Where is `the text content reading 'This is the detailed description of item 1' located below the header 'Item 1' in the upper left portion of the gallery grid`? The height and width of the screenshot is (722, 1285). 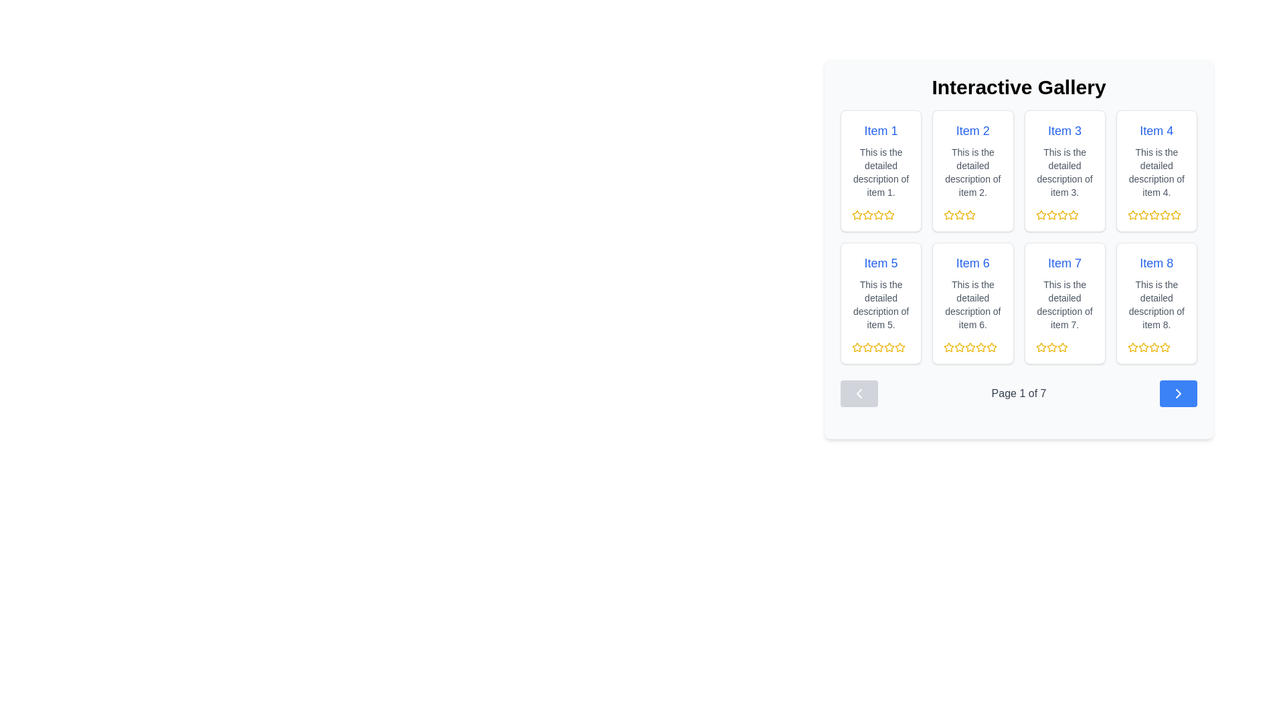 the text content reading 'This is the detailed description of item 1' located below the header 'Item 1' in the upper left portion of the gallery grid is located at coordinates (881, 172).